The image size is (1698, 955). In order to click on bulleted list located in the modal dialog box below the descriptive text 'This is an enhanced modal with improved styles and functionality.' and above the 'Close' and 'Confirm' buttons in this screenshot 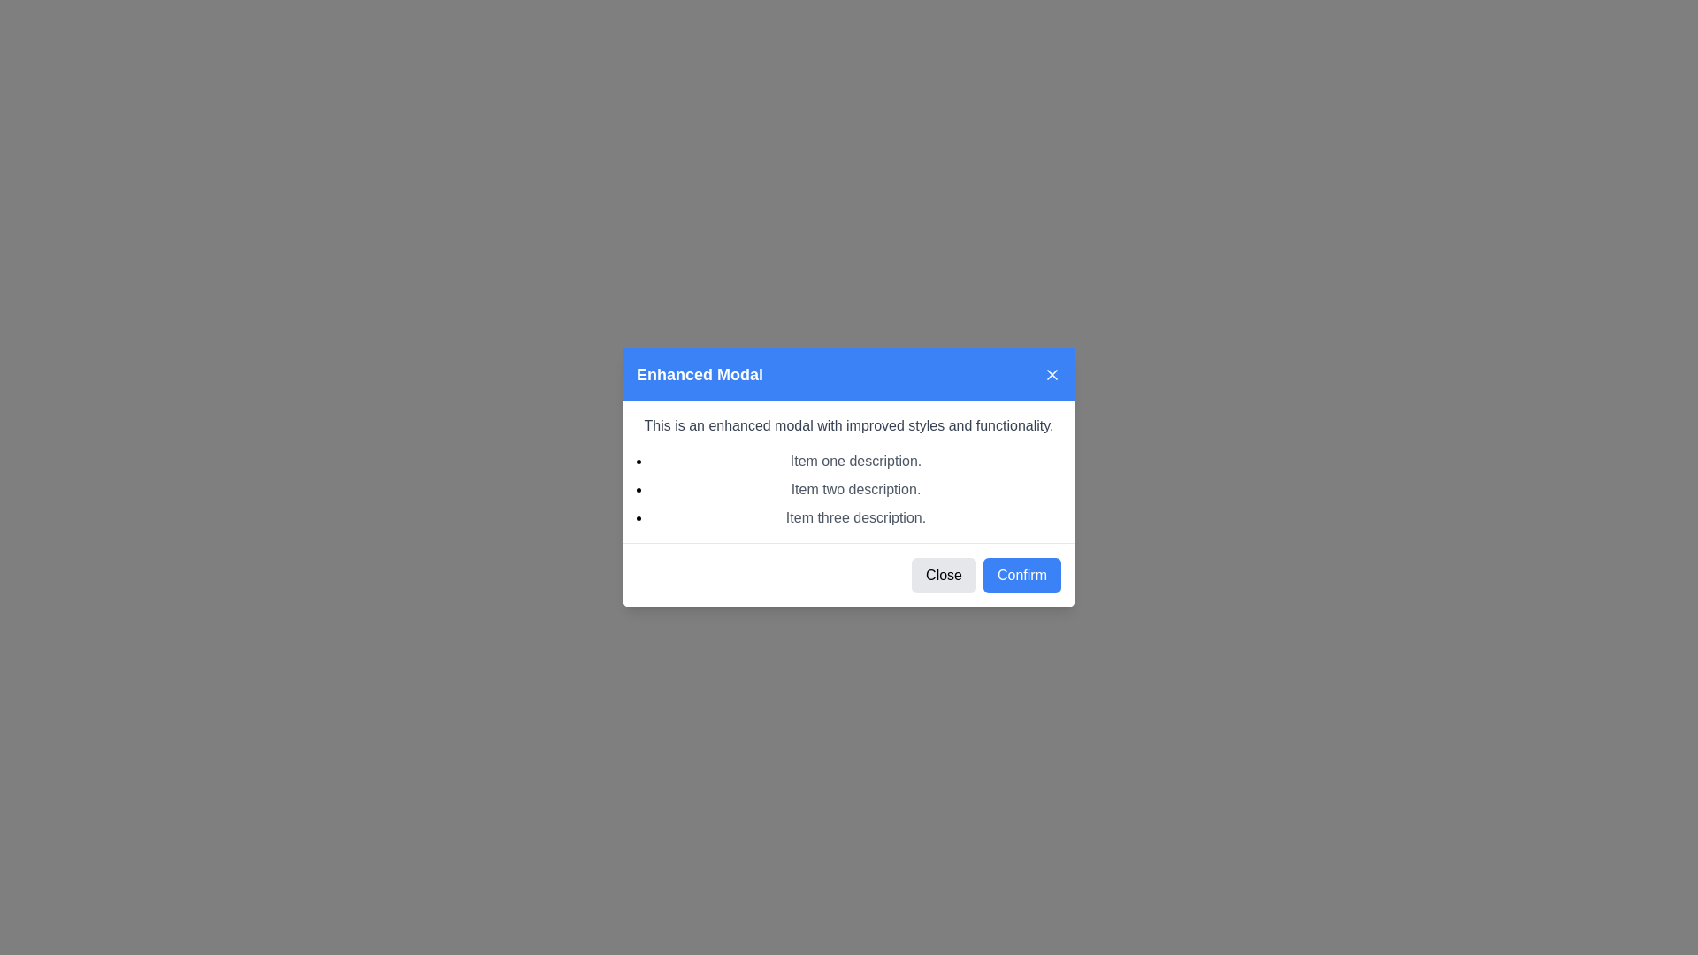, I will do `click(849, 489)`.